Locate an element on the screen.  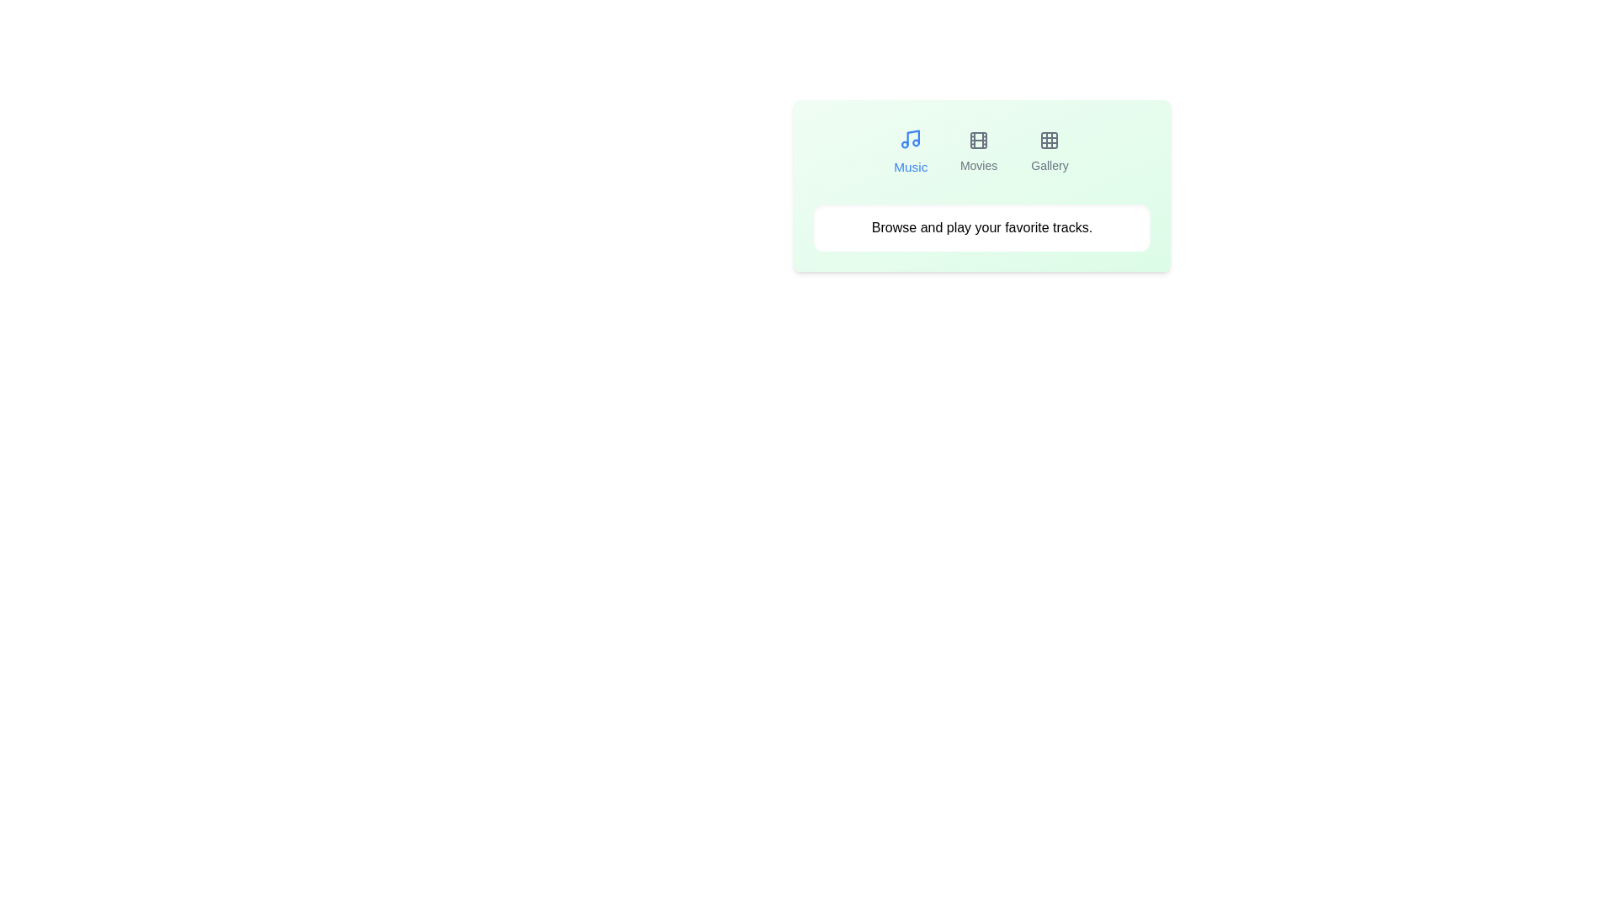
the Music tab to view its content is located at coordinates (909, 152).